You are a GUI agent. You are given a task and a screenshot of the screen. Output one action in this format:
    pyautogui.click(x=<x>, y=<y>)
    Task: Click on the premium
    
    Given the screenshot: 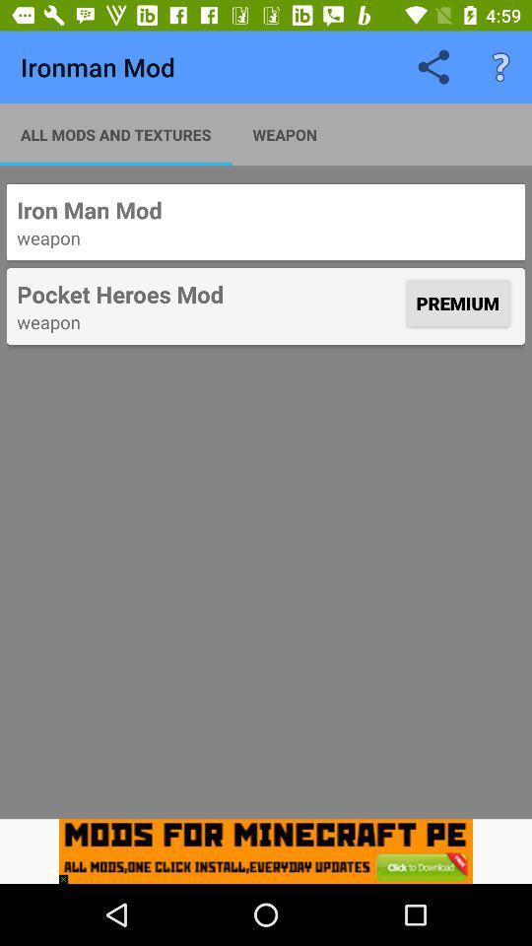 What is the action you would take?
    pyautogui.click(x=457, y=303)
    